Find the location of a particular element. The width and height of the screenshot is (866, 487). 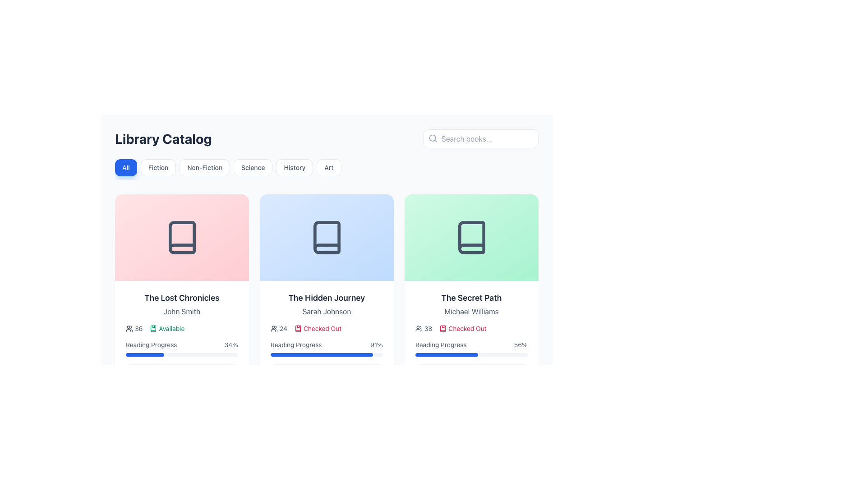

book title text located in the third column of the library catalog, positioned below the book icon and above the author's name 'Michael Williams' is located at coordinates (471, 298).